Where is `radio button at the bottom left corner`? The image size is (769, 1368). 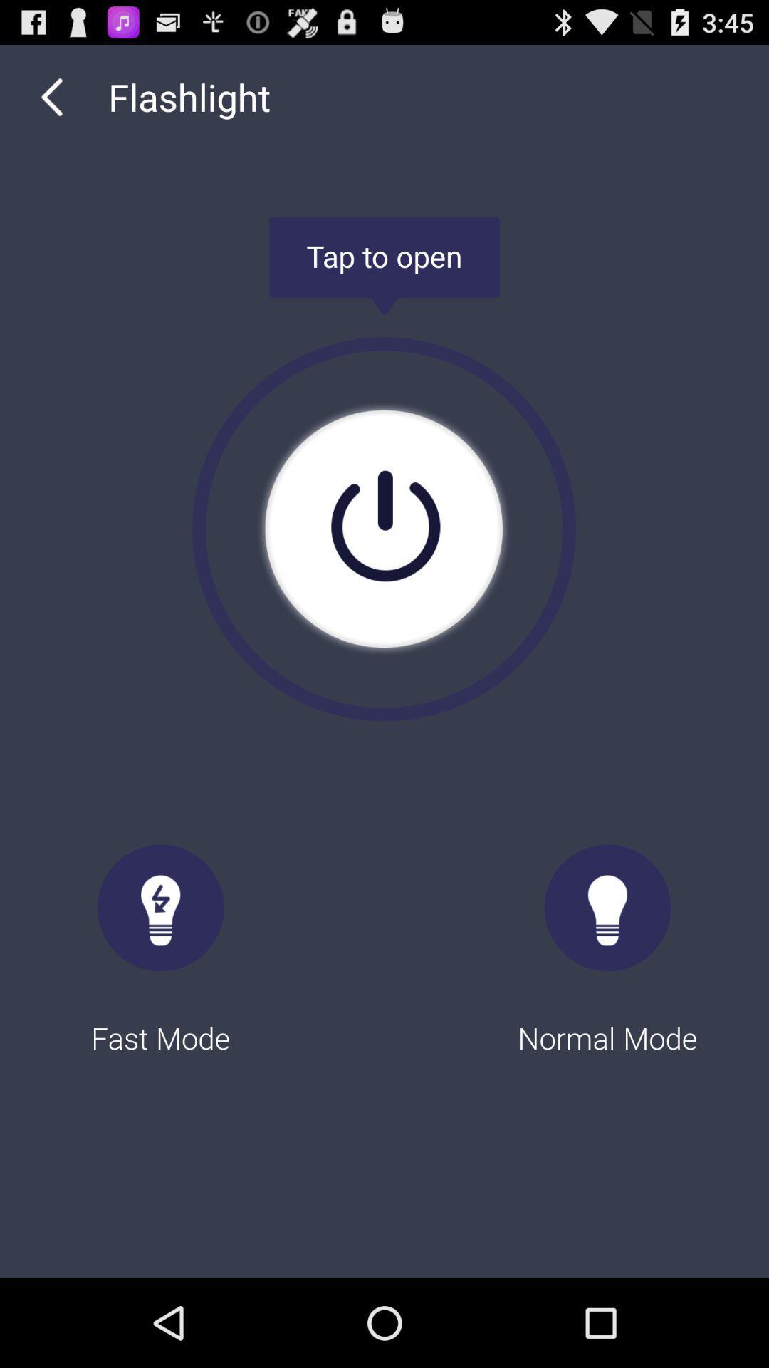
radio button at the bottom left corner is located at coordinates (160, 936).